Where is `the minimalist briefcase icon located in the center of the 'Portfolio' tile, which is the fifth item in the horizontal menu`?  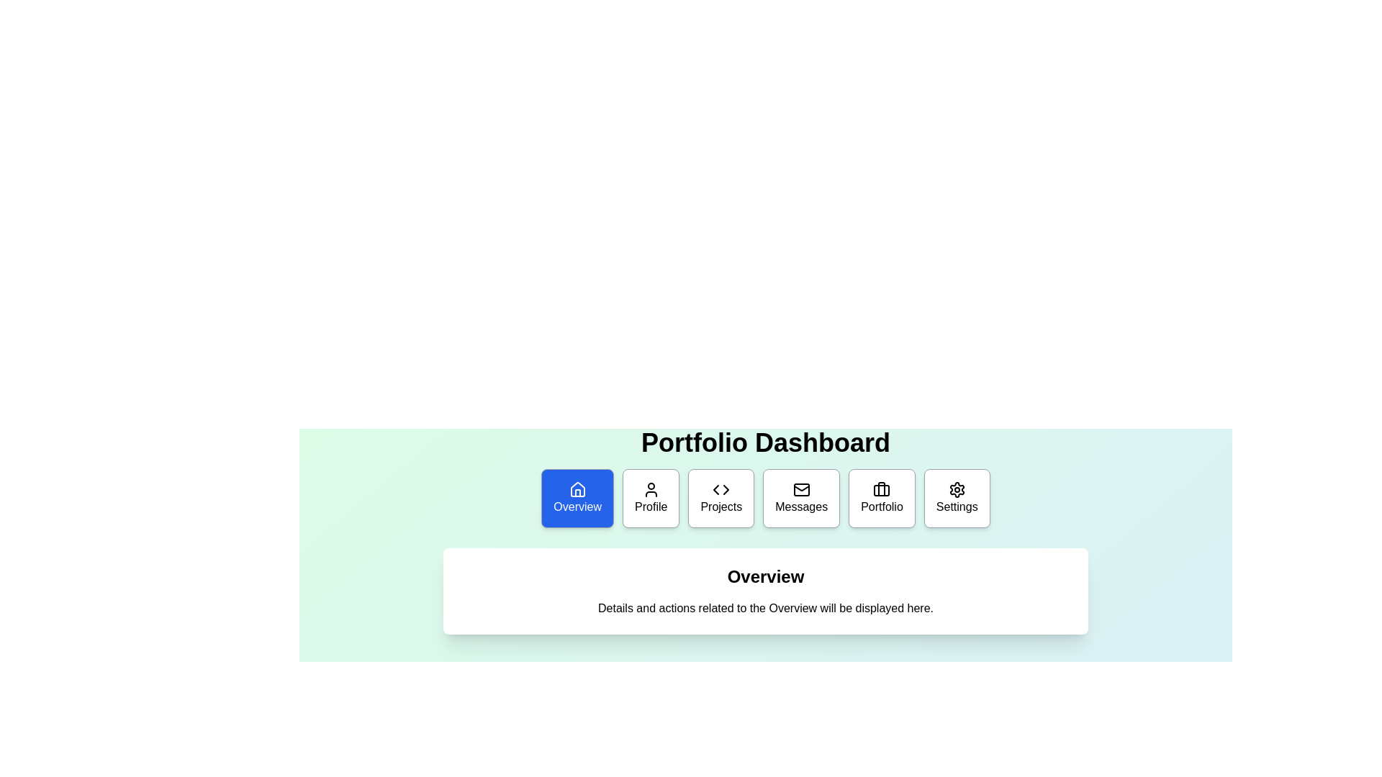 the minimalist briefcase icon located in the center of the 'Portfolio' tile, which is the fifth item in the horizontal menu is located at coordinates (881, 489).